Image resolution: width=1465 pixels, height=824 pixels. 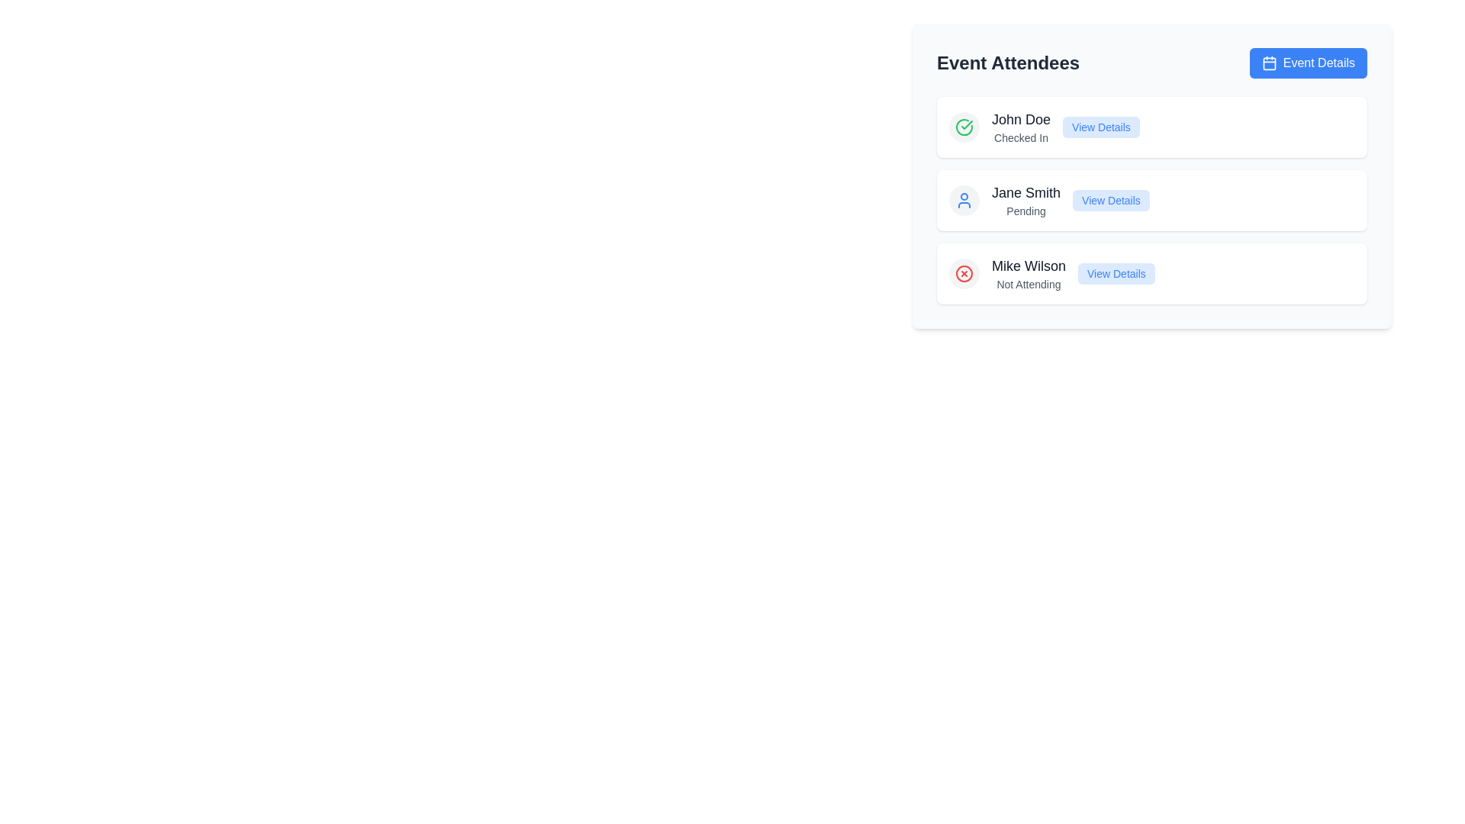 What do you see at coordinates (1116, 272) in the screenshot?
I see `the 'View Details' button with a blue outline and light blue background, located on the right end of the row for 'Mike Wilson - Not Attending' in the 'Event Attendees' section` at bounding box center [1116, 272].